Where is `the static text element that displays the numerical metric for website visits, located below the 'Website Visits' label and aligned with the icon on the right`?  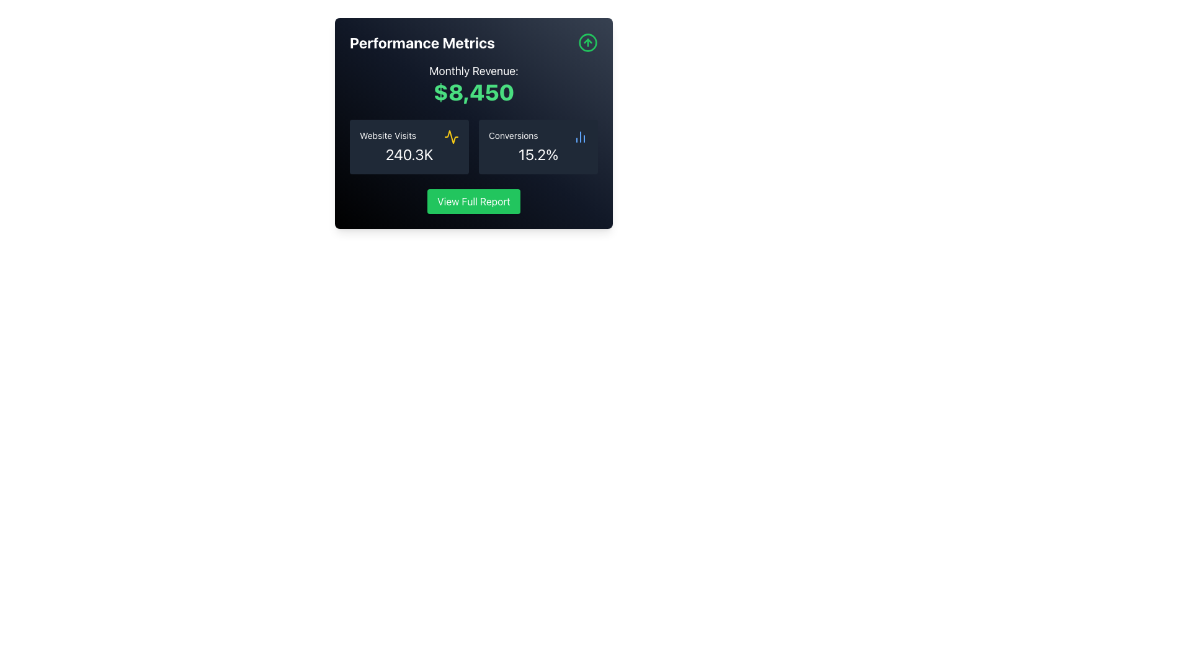
the static text element that displays the numerical metric for website visits, located below the 'Website Visits' label and aligned with the icon on the right is located at coordinates (409, 154).